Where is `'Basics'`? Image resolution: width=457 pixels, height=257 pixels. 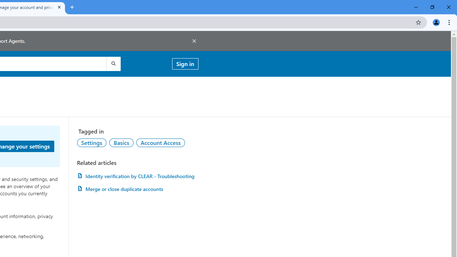
'Basics' is located at coordinates (121, 142).